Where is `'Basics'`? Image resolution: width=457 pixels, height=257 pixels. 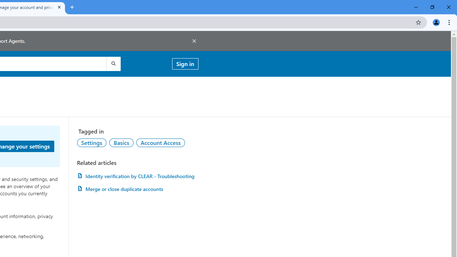
'Basics' is located at coordinates (121, 142).